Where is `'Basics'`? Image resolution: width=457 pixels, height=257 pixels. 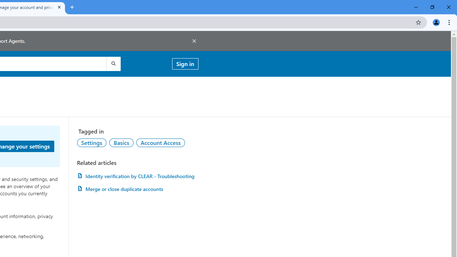
'Basics' is located at coordinates (121, 142).